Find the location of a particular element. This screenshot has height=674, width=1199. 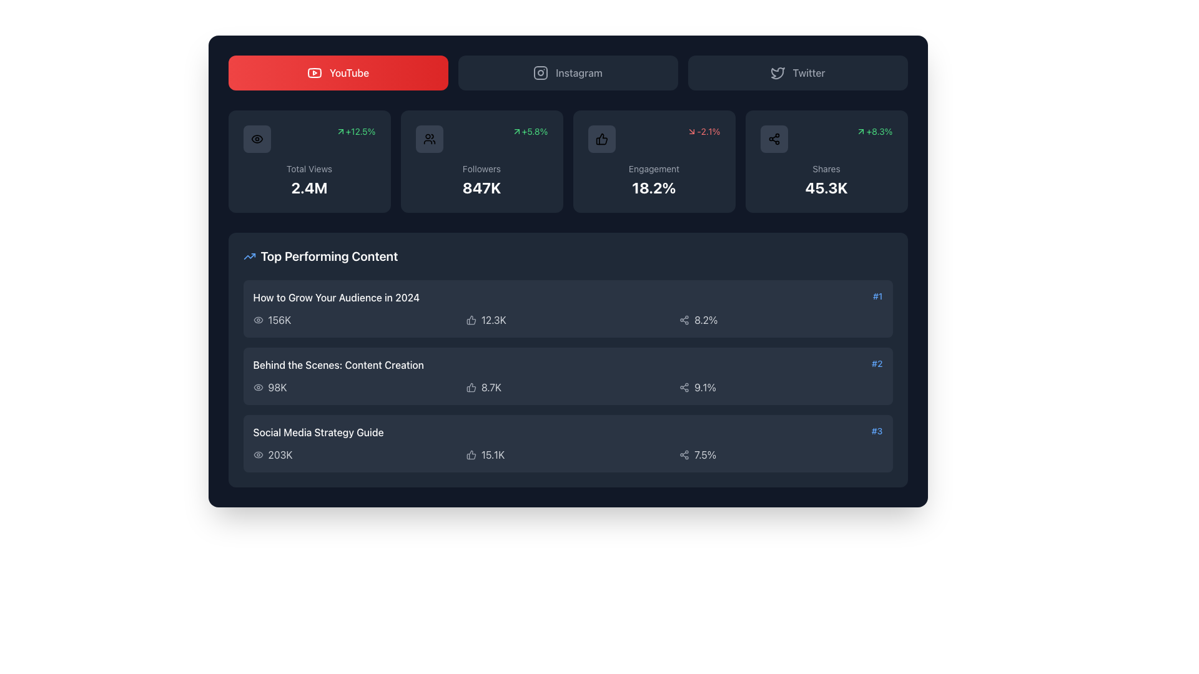

the text label indicating a percentage value located in the middle-right section of the card for a specific content item in the list of top-performing contents is located at coordinates (705, 387).